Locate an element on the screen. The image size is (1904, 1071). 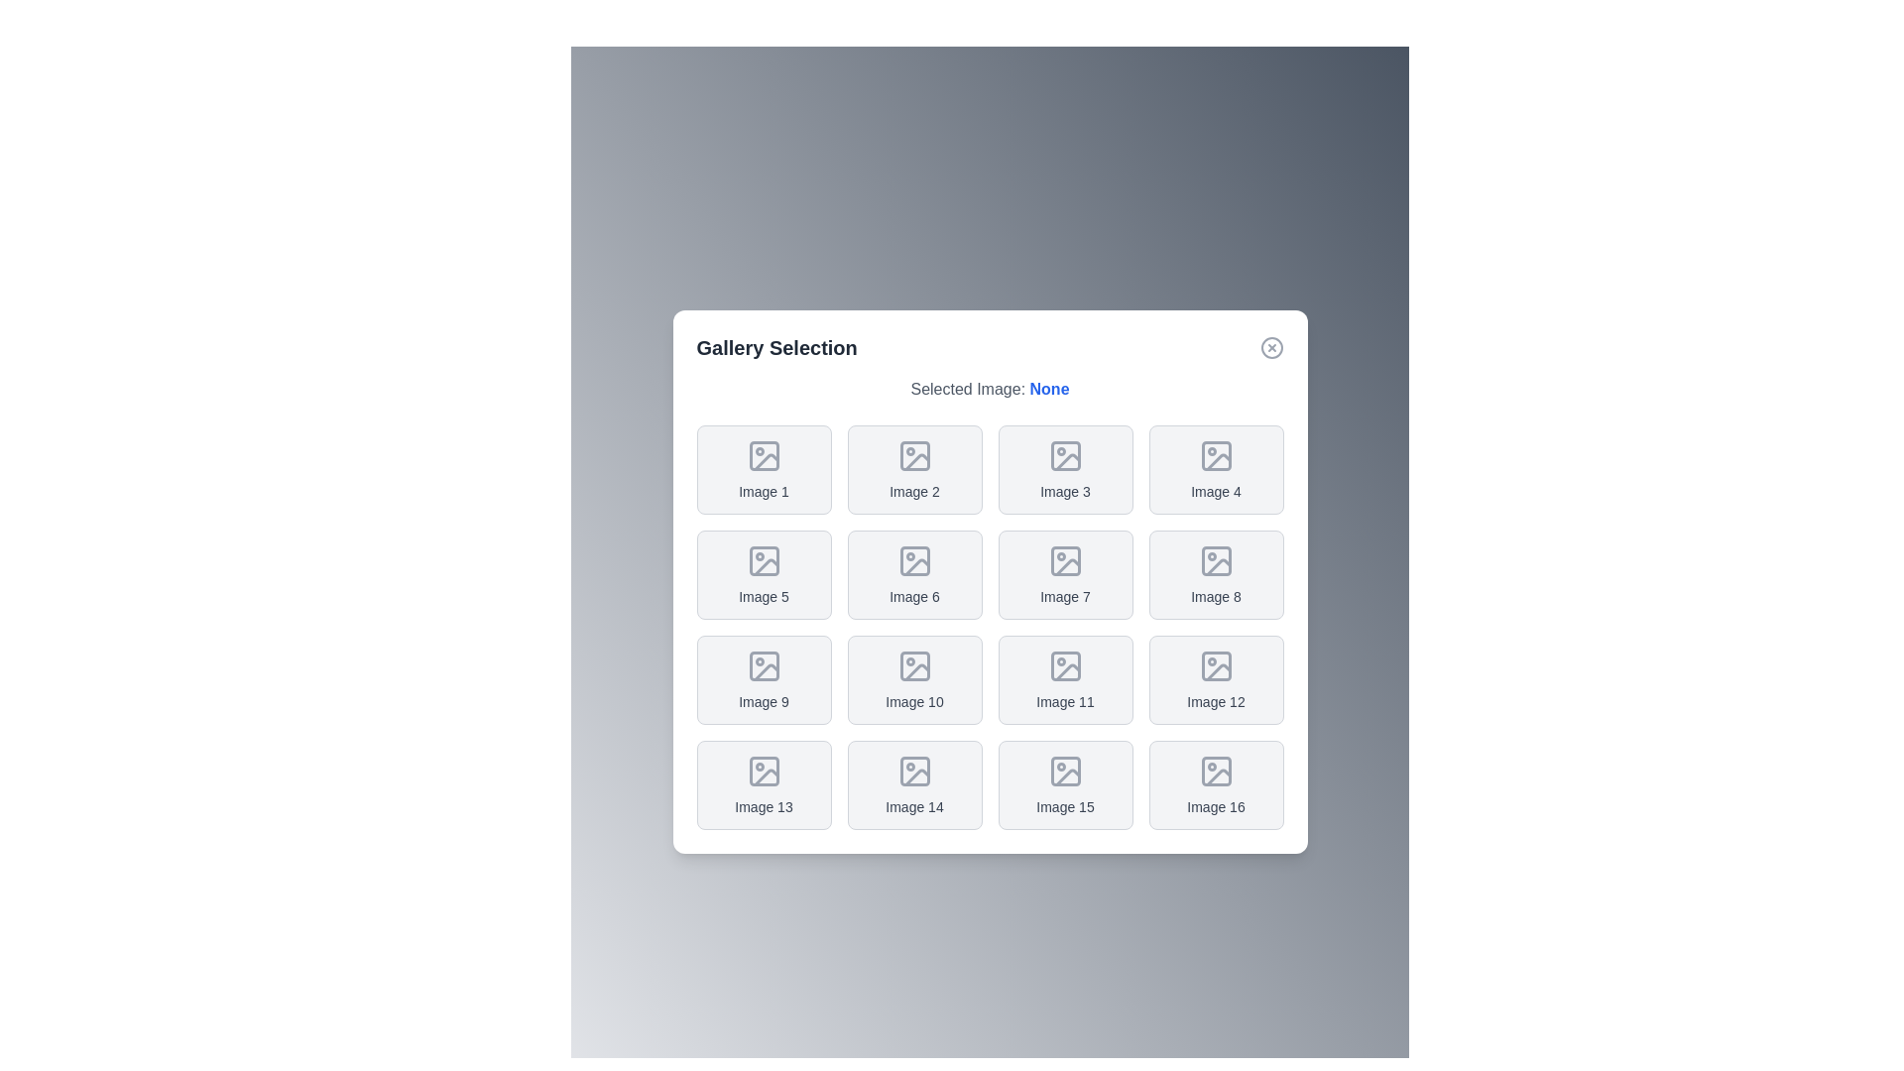
close button in the top-right corner of the dialog to close the gallery selection is located at coordinates (1271, 347).